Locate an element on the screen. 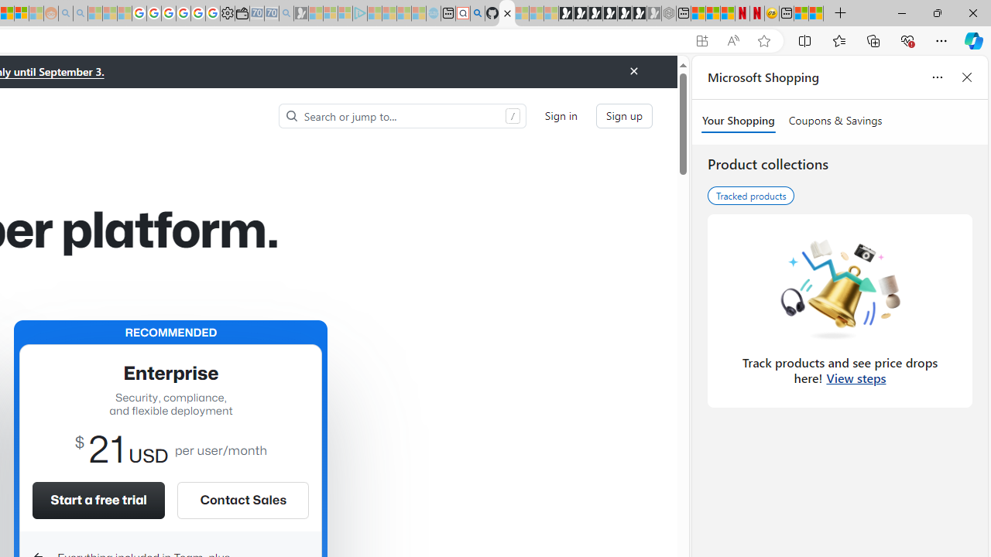 The width and height of the screenshot is (991, 557). 'Start a free trial' is located at coordinates (98, 500).